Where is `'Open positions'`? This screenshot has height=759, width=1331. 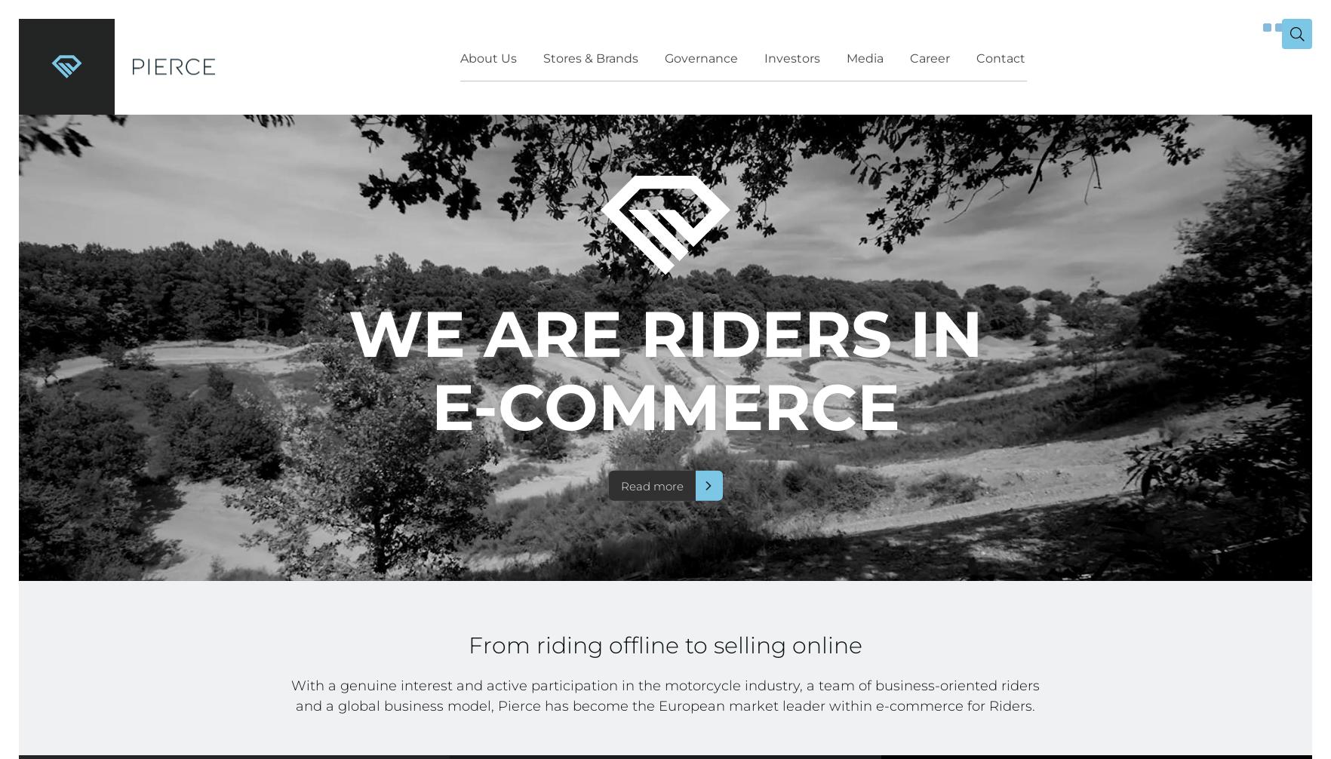
'Open positions' is located at coordinates (810, 158).